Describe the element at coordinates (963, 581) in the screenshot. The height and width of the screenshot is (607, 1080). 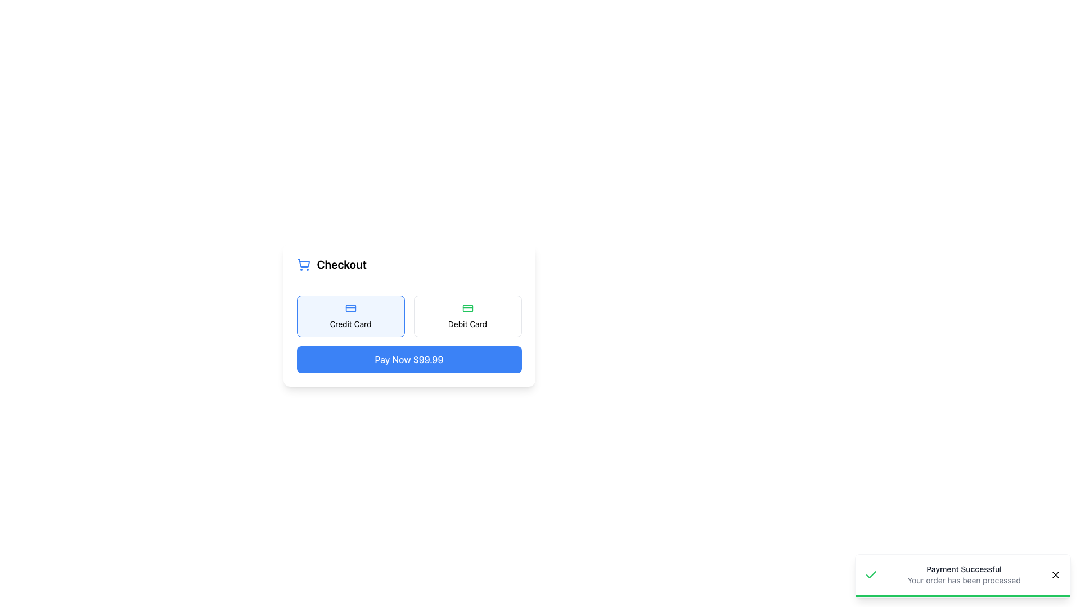
I see `the supplementary message confirming that the user's order has been processed successfully, which is positioned beneath 'Payment Successful' in the bottom right of the interface` at that location.